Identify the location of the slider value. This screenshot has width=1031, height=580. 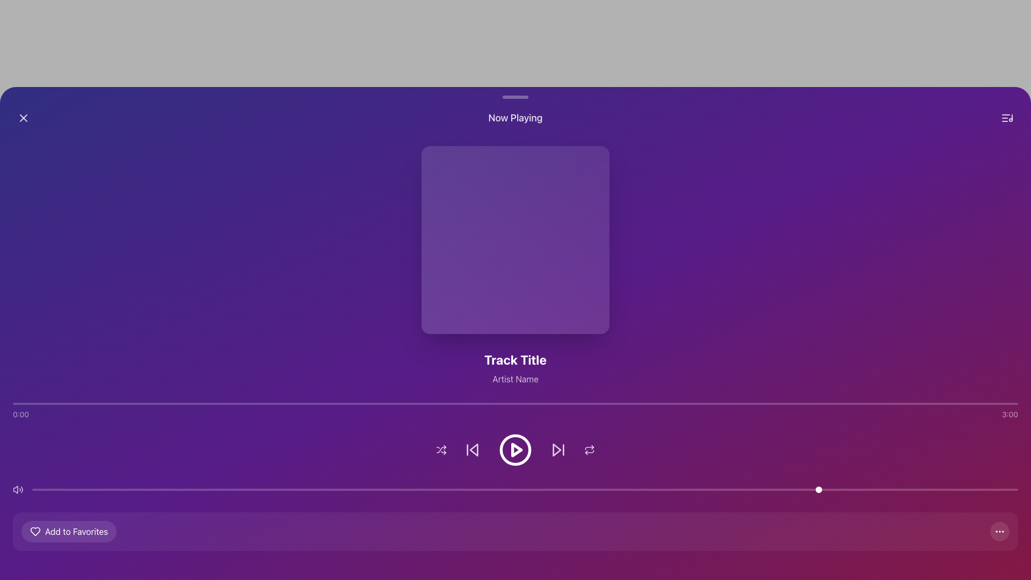
(180, 489).